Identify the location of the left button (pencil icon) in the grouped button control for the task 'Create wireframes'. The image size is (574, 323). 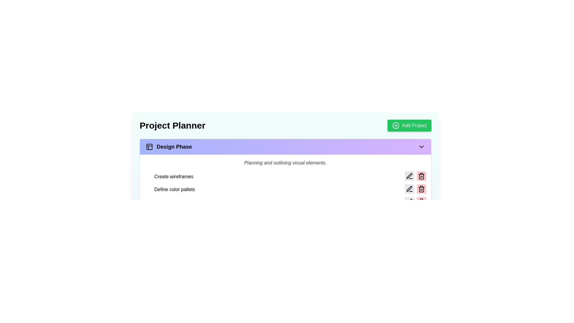
(415, 176).